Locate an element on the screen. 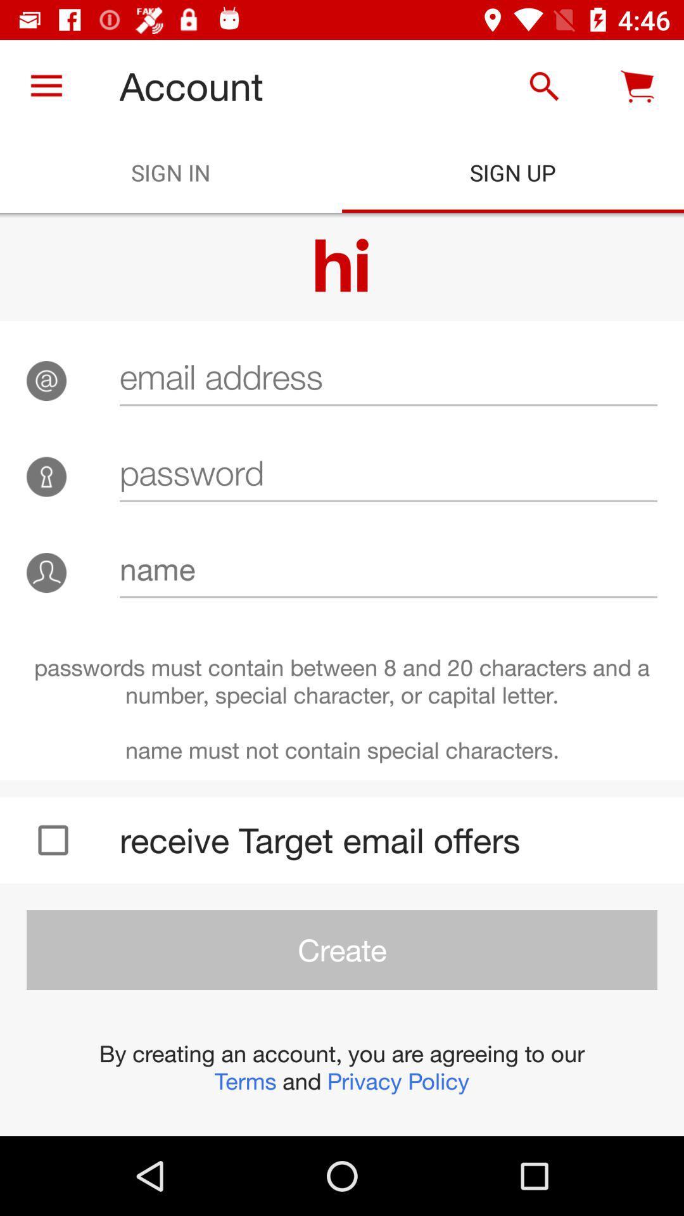  by creating an item is located at coordinates (342, 1067).